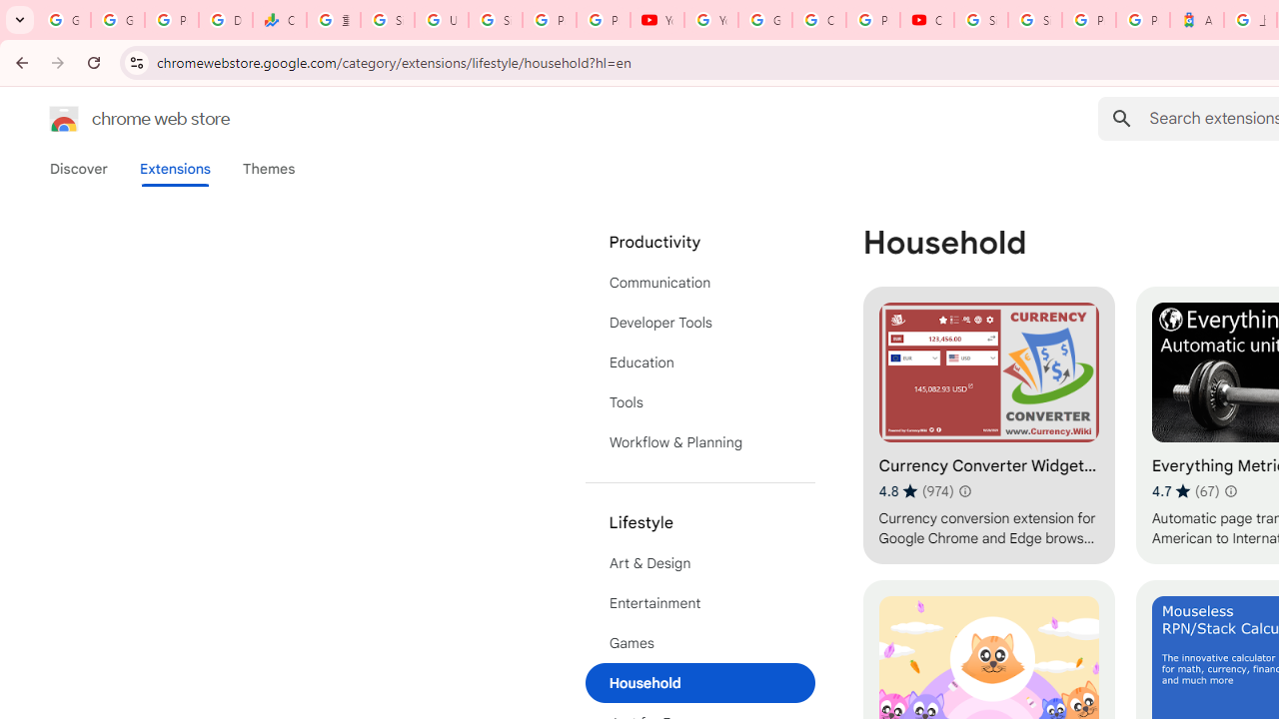  What do you see at coordinates (64, 119) in the screenshot?
I see `'Chrome Web Store logo'` at bounding box center [64, 119].